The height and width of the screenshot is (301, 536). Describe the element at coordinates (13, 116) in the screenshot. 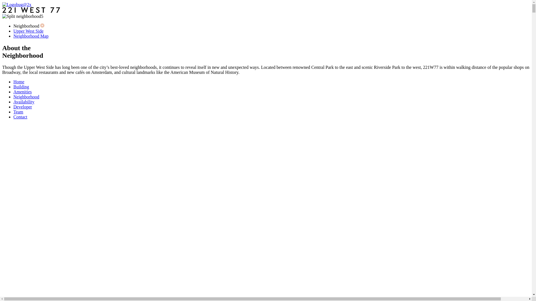

I see `'Contact'` at that location.